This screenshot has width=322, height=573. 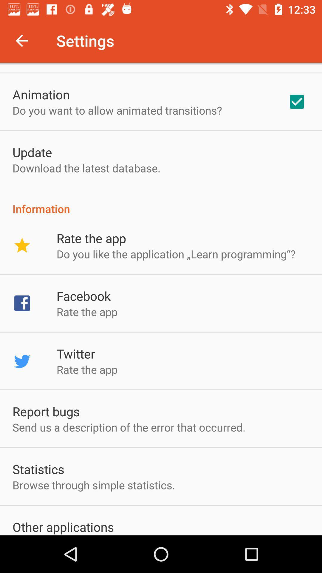 I want to click on app above other applications, so click(x=94, y=485).